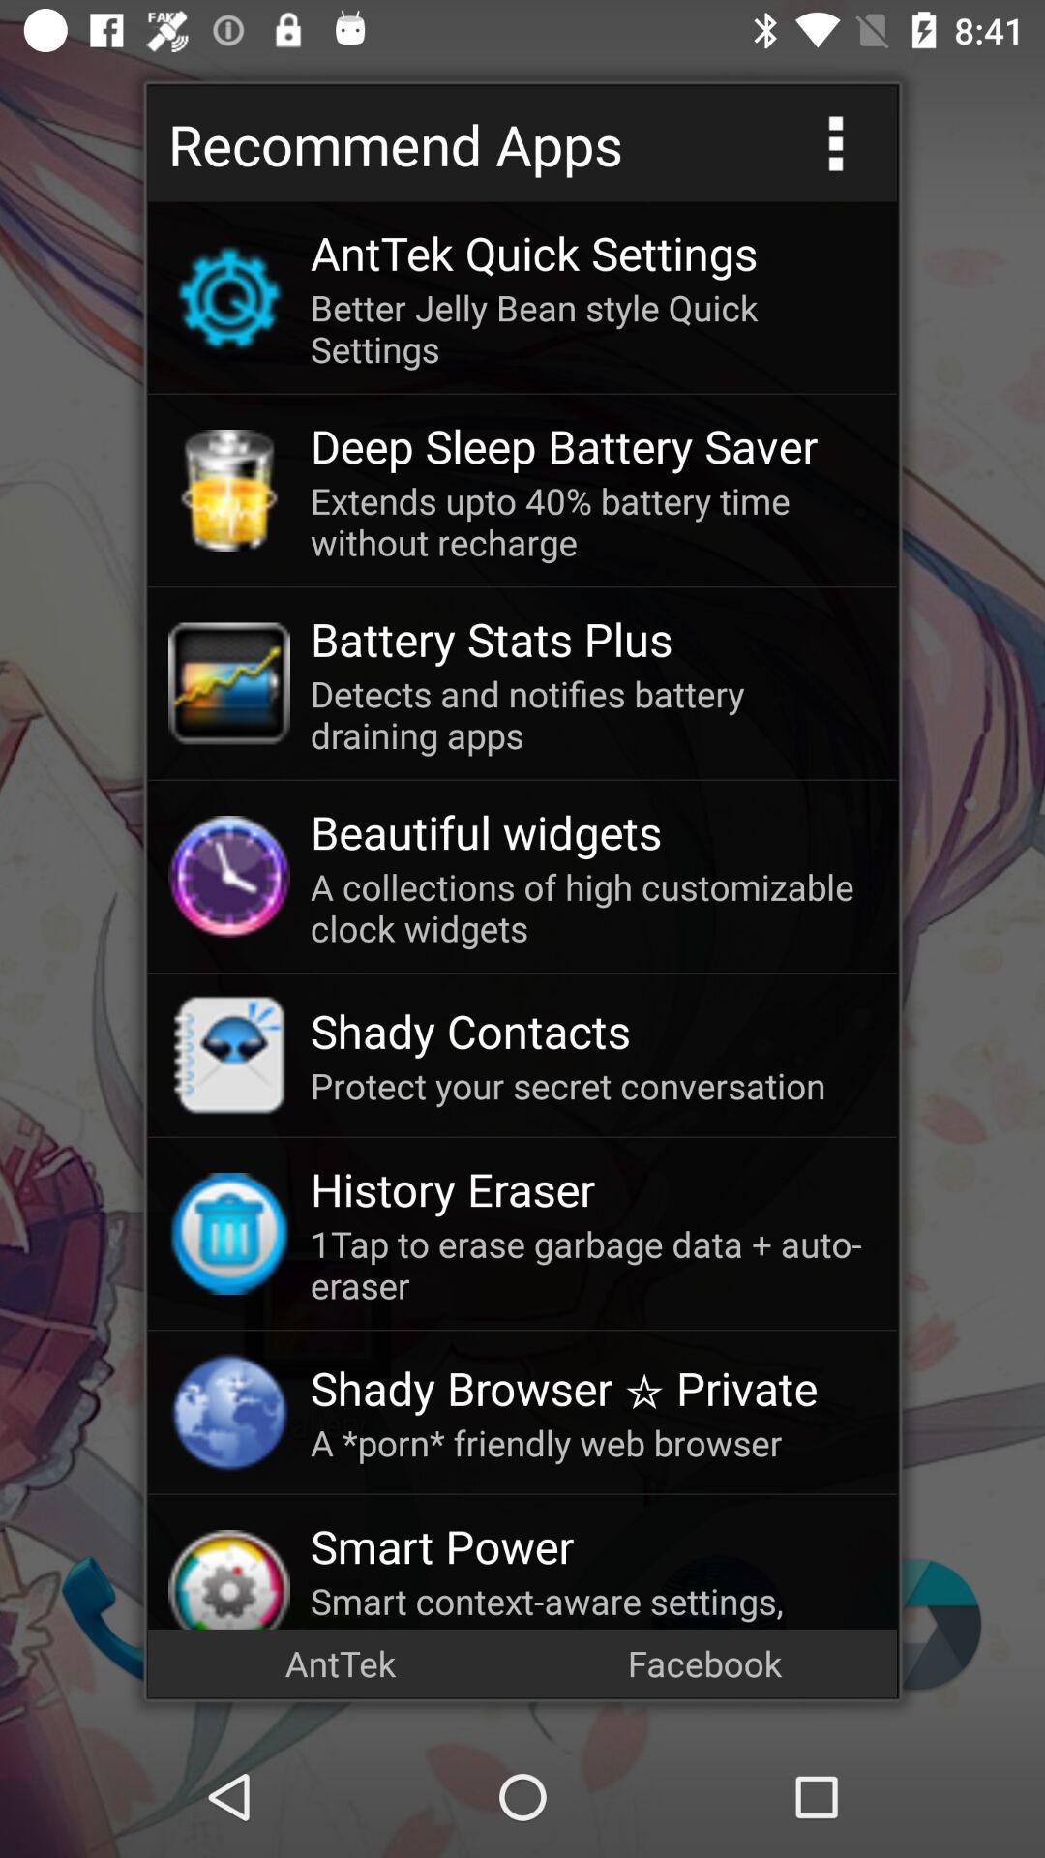 This screenshot has height=1858, width=1045. Describe the element at coordinates (704, 1662) in the screenshot. I see `facebook icon` at that location.